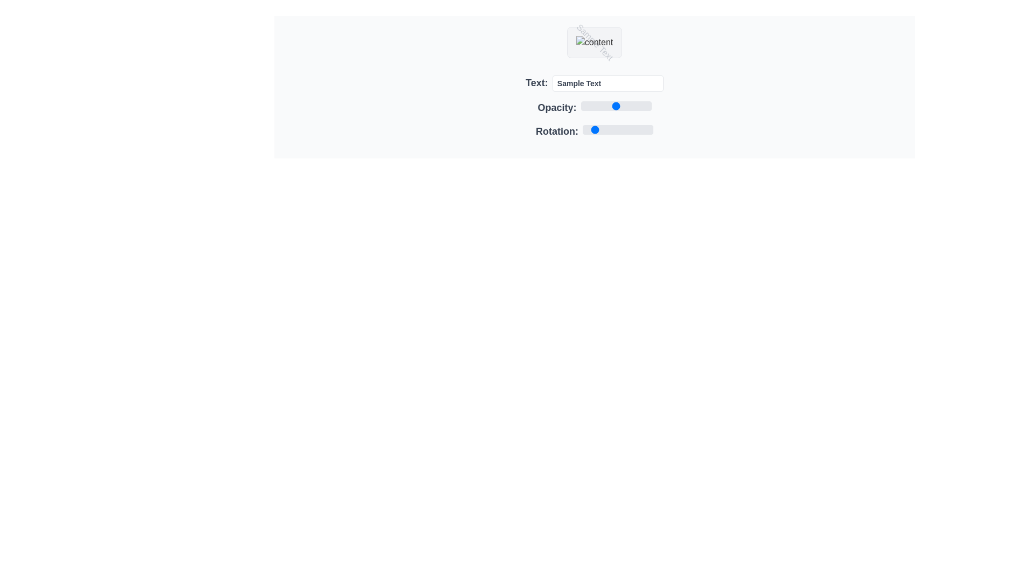 The width and height of the screenshot is (1035, 582). What do you see at coordinates (597, 129) in the screenshot?
I see `the rotation slider` at bounding box center [597, 129].